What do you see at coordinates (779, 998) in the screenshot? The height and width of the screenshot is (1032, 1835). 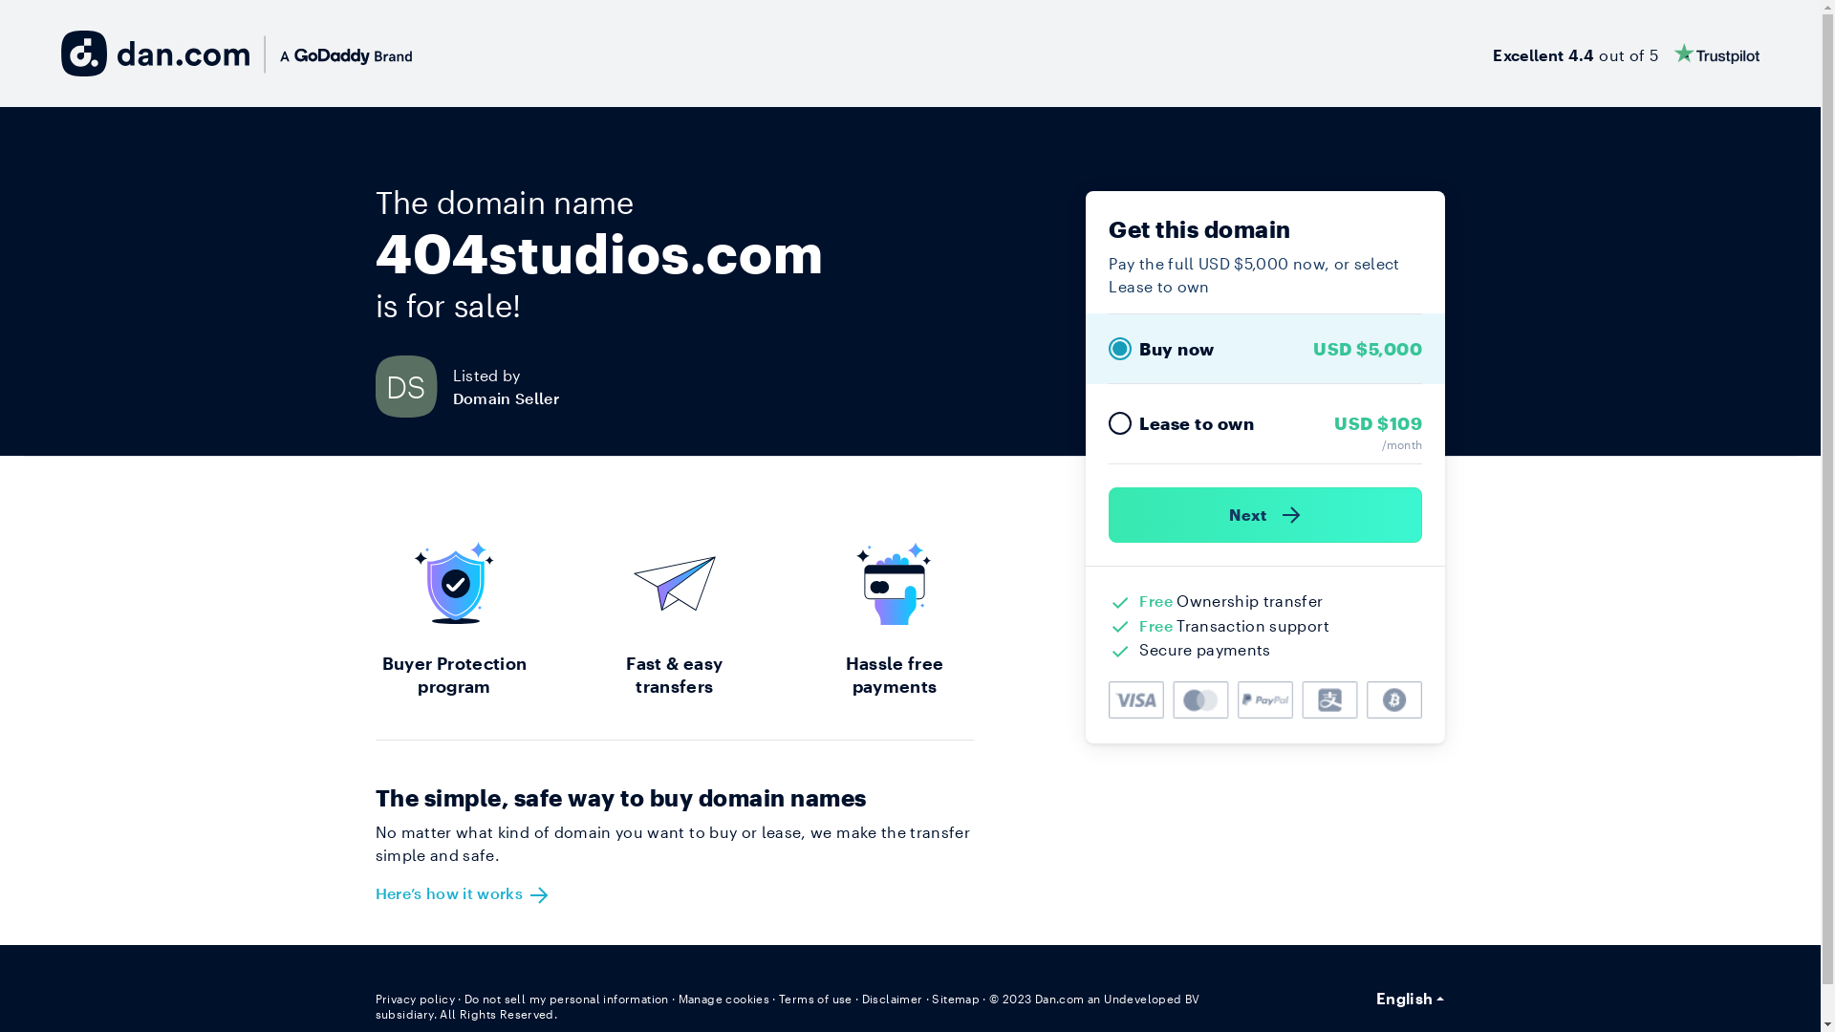 I see `'Terms of use'` at bounding box center [779, 998].